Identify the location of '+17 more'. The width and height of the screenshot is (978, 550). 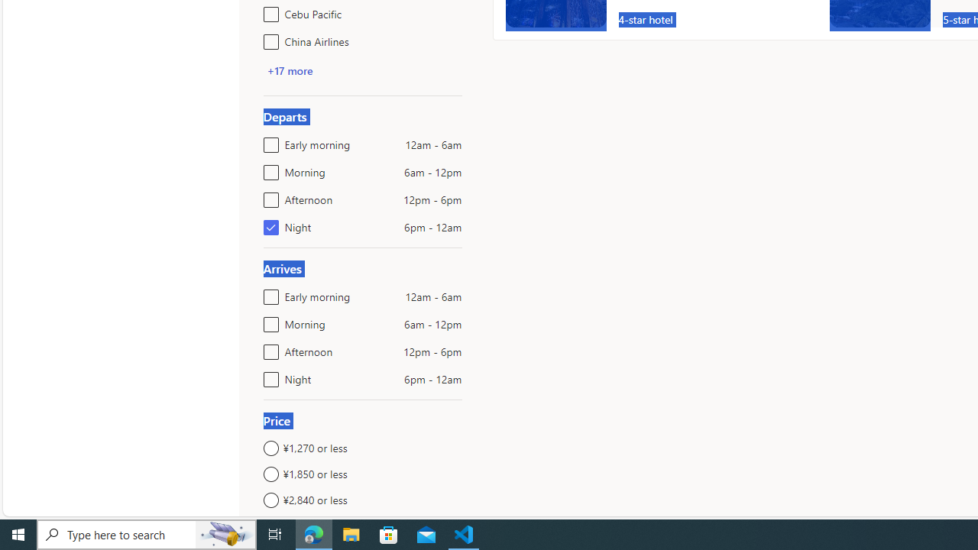
(290, 70).